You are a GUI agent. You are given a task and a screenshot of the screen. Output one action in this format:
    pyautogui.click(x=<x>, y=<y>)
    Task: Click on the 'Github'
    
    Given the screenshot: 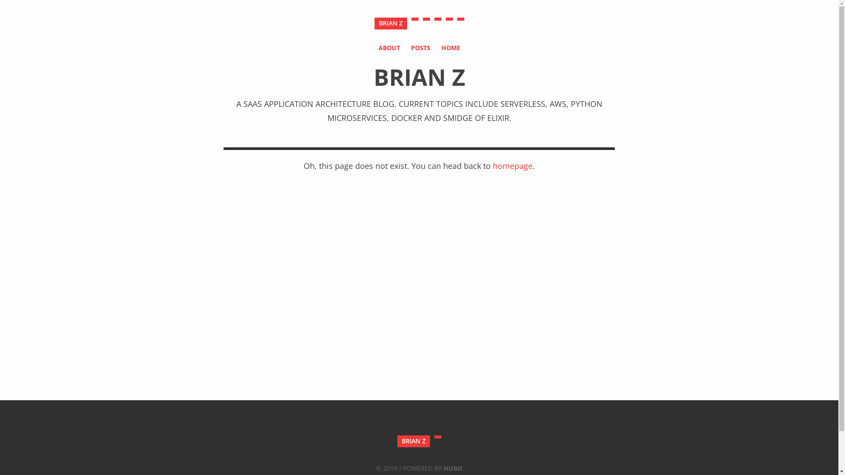 What is the action you would take?
    pyautogui.click(x=437, y=19)
    